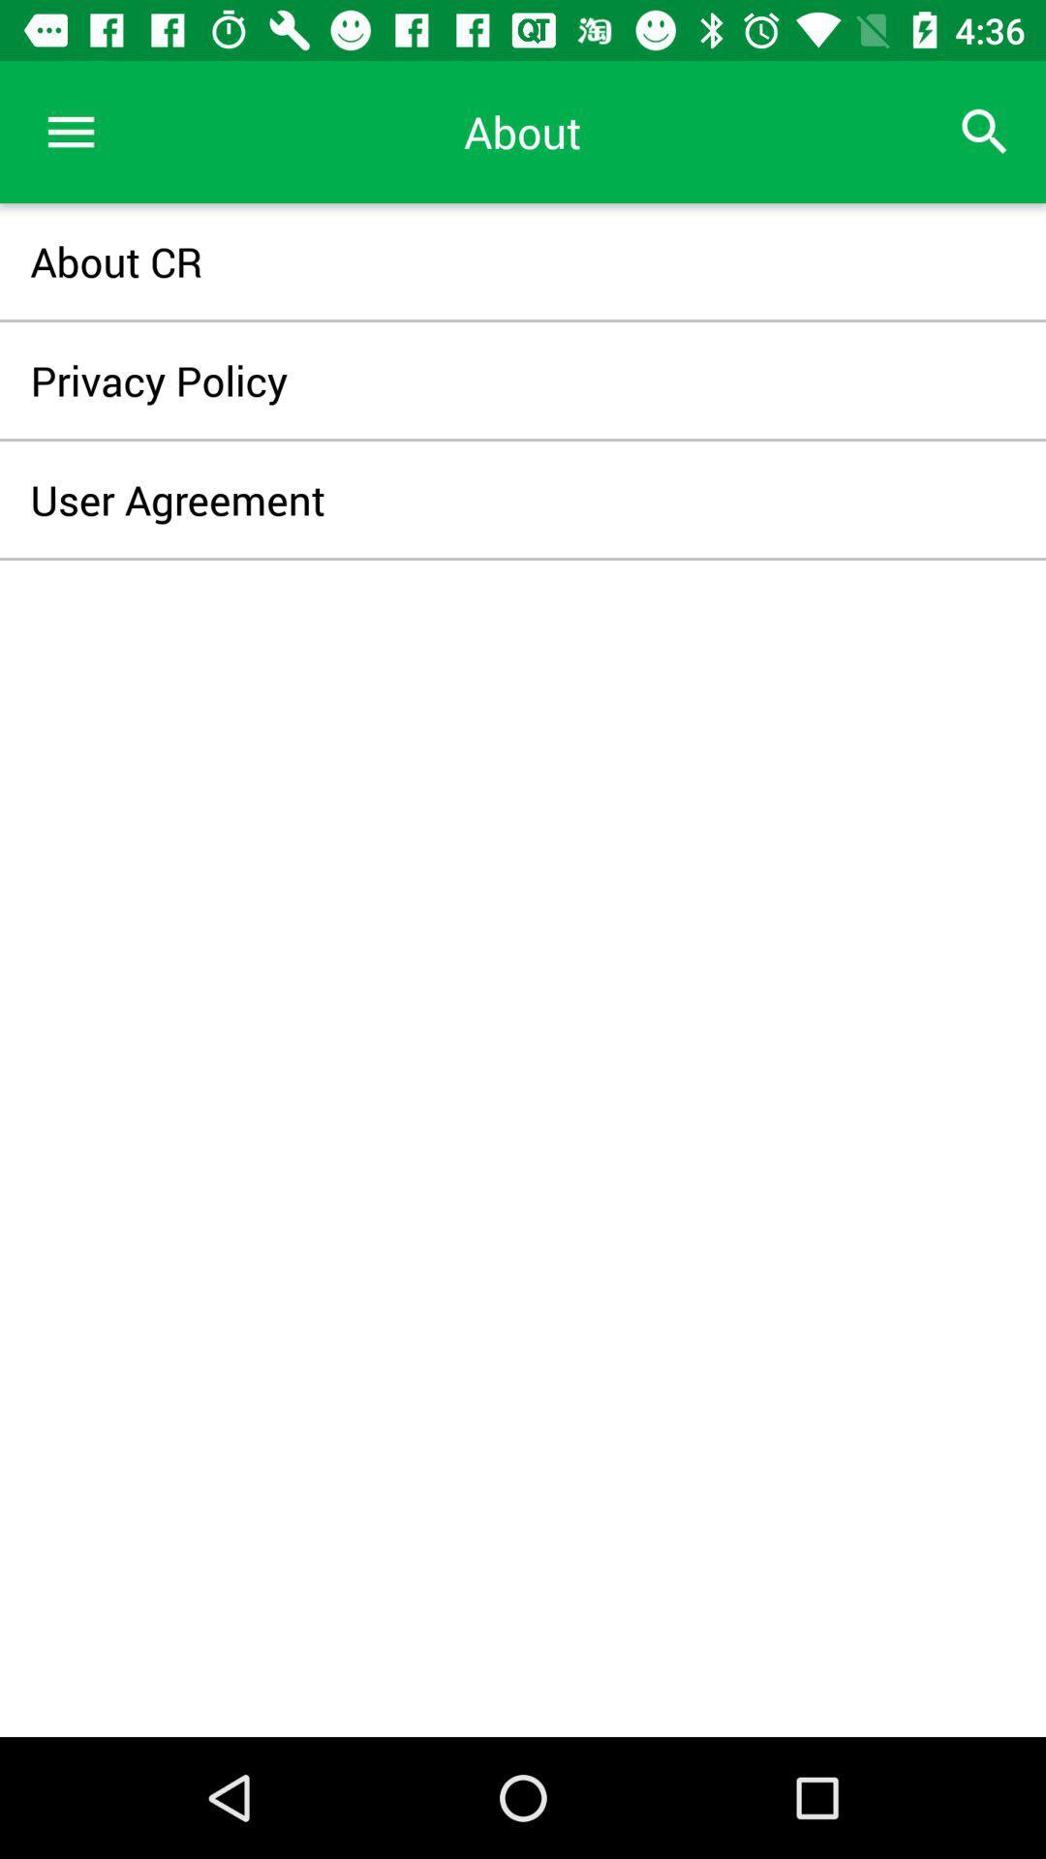 The image size is (1046, 1859). What do you see at coordinates (985, 131) in the screenshot?
I see `icon at the top right corner` at bounding box center [985, 131].